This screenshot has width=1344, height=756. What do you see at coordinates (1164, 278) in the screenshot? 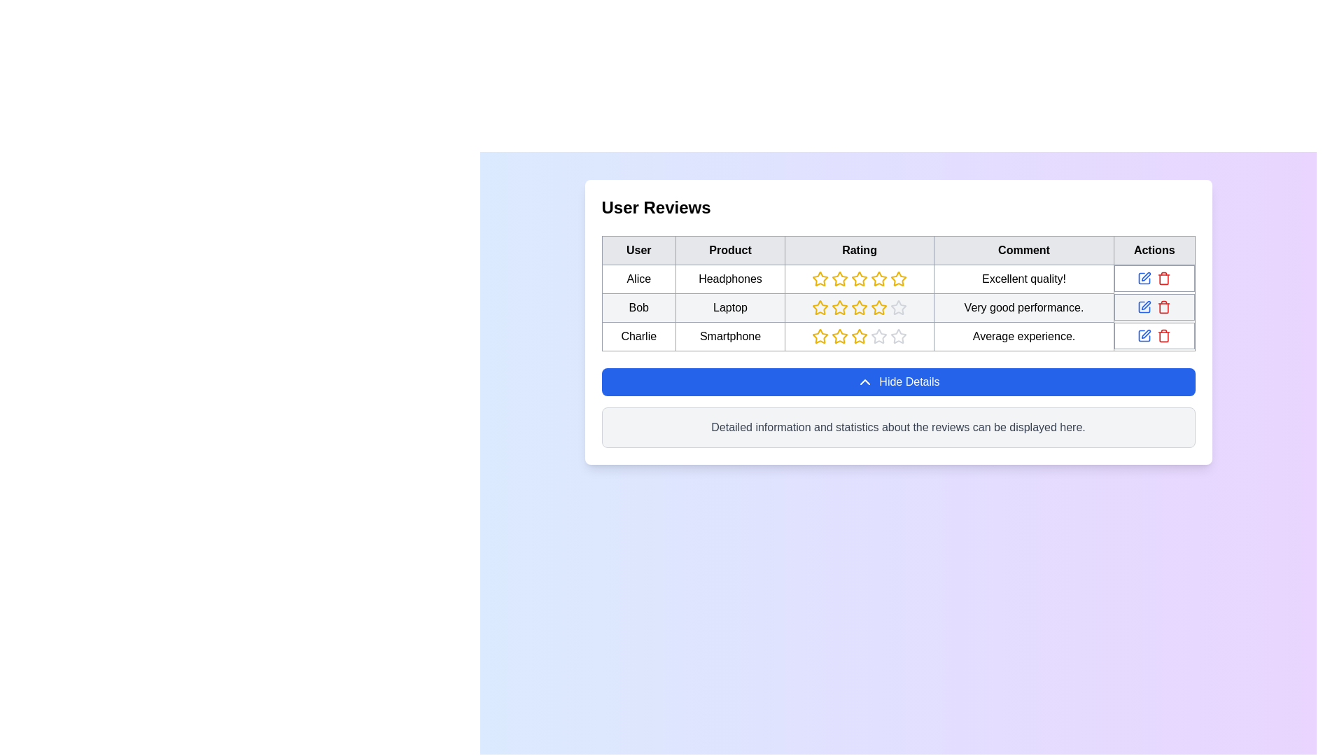
I see `the delete icon button in the 'Actions' section of the product review table to trigger a tooltip or visual feedback` at bounding box center [1164, 278].